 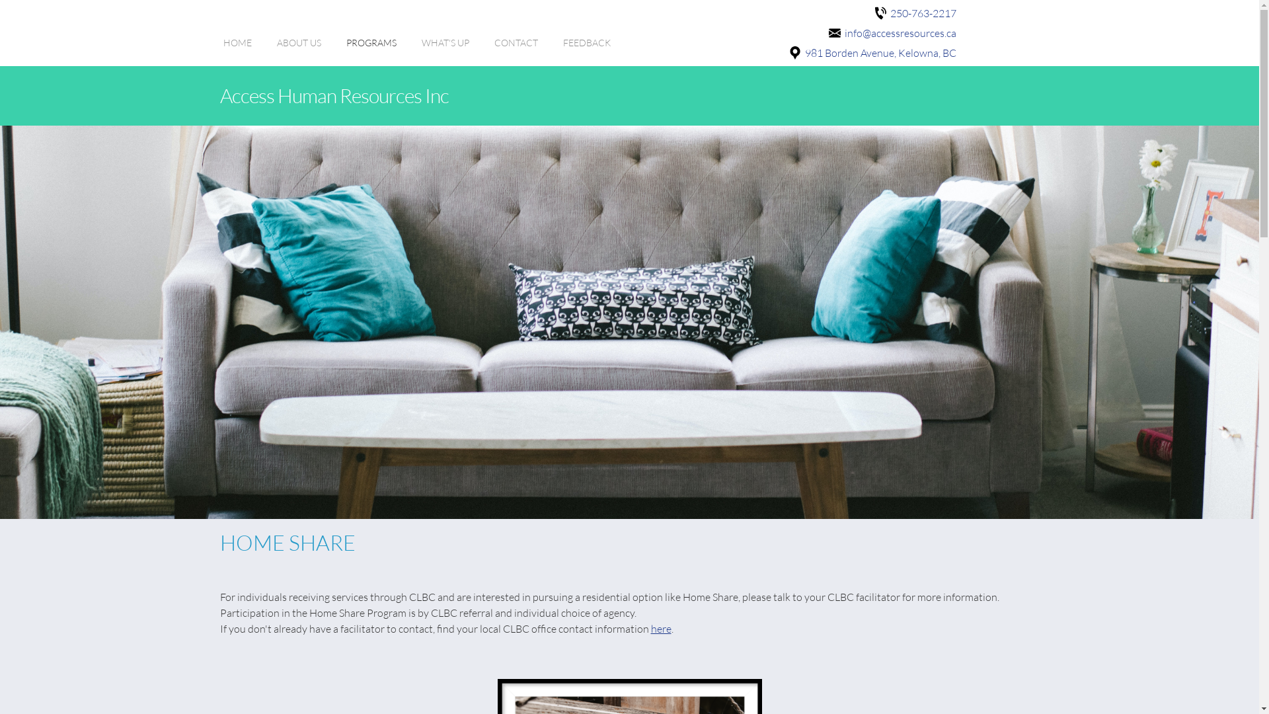 What do you see at coordinates (628, 94) in the screenshot?
I see `'Access Human Resources Inc'` at bounding box center [628, 94].